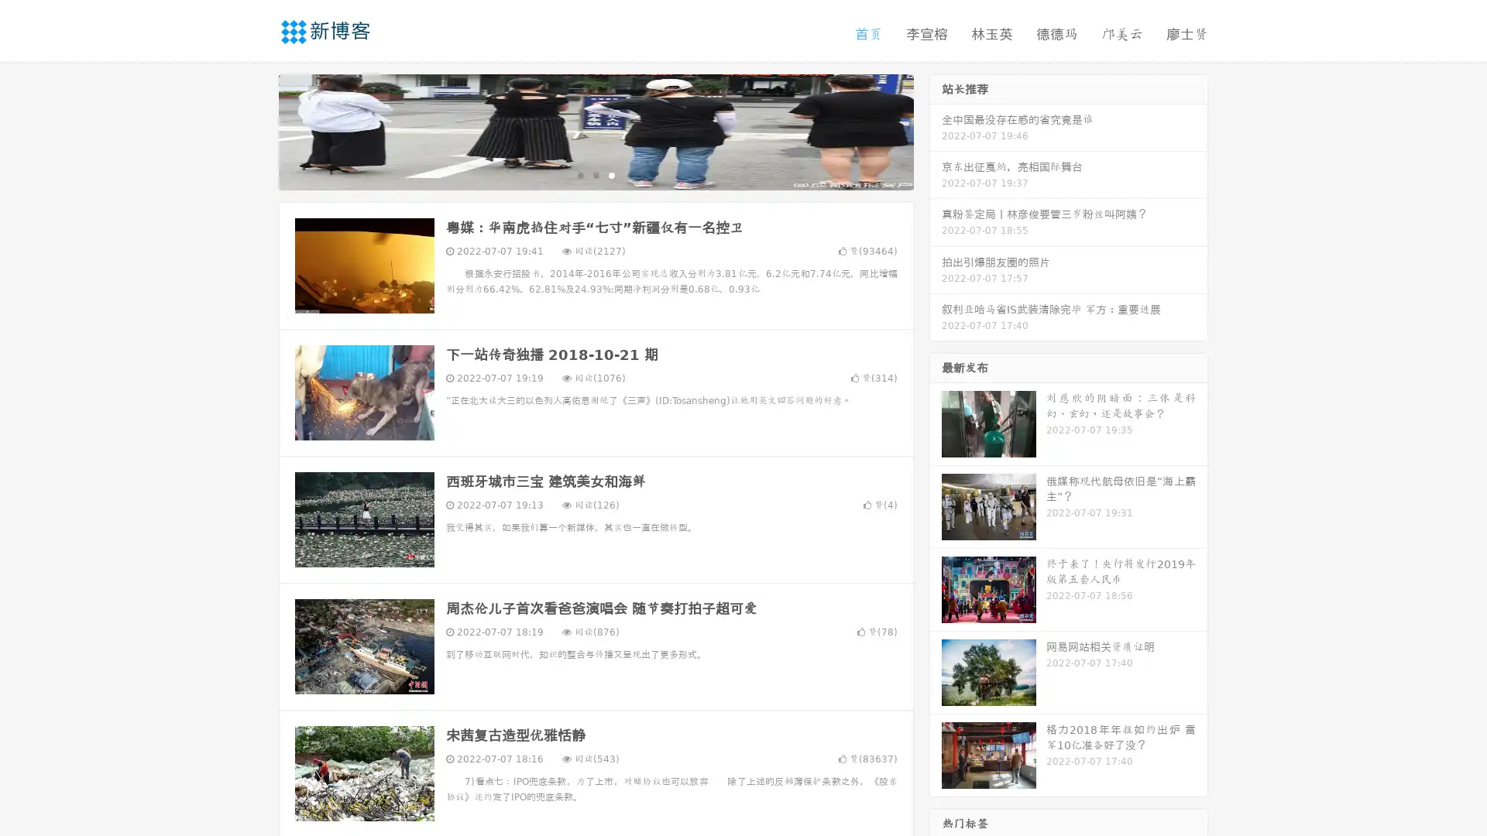 The height and width of the screenshot is (836, 1487). What do you see at coordinates (256, 130) in the screenshot?
I see `Previous slide` at bounding box center [256, 130].